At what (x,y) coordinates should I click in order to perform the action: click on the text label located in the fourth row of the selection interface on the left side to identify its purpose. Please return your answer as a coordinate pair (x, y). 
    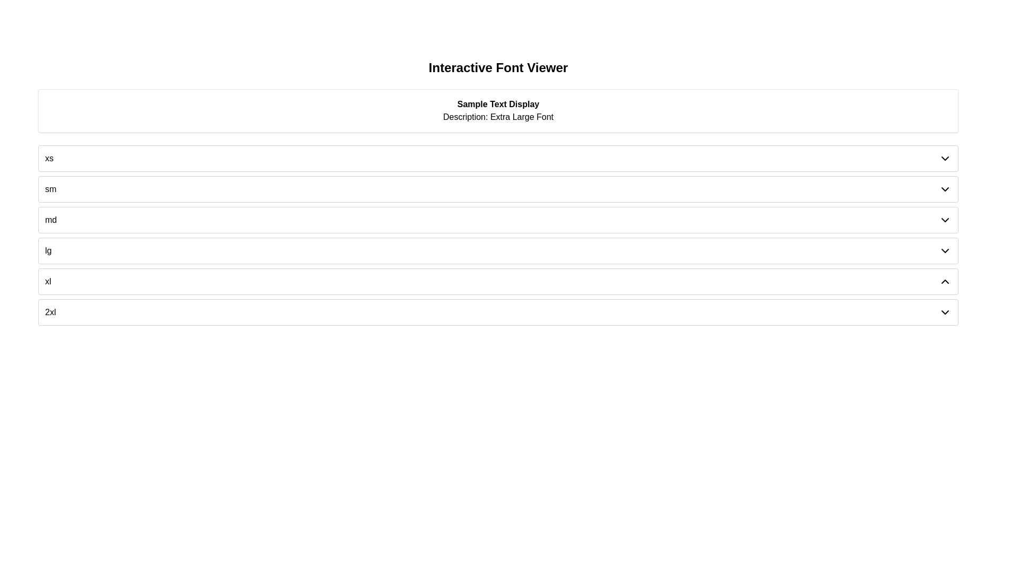
    Looking at the image, I should click on (48, 251).